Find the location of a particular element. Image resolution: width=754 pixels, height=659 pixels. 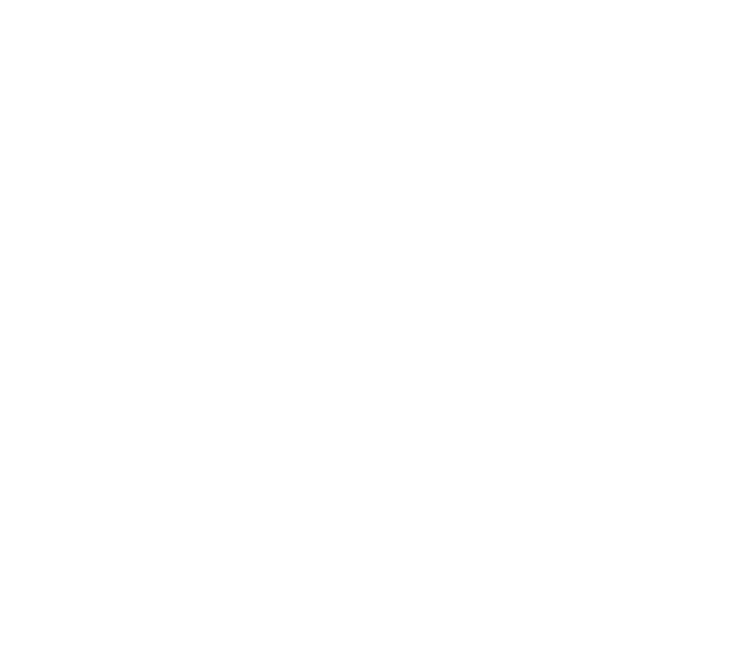

'Accessibility Statement' is located at coordinates (376, 545).